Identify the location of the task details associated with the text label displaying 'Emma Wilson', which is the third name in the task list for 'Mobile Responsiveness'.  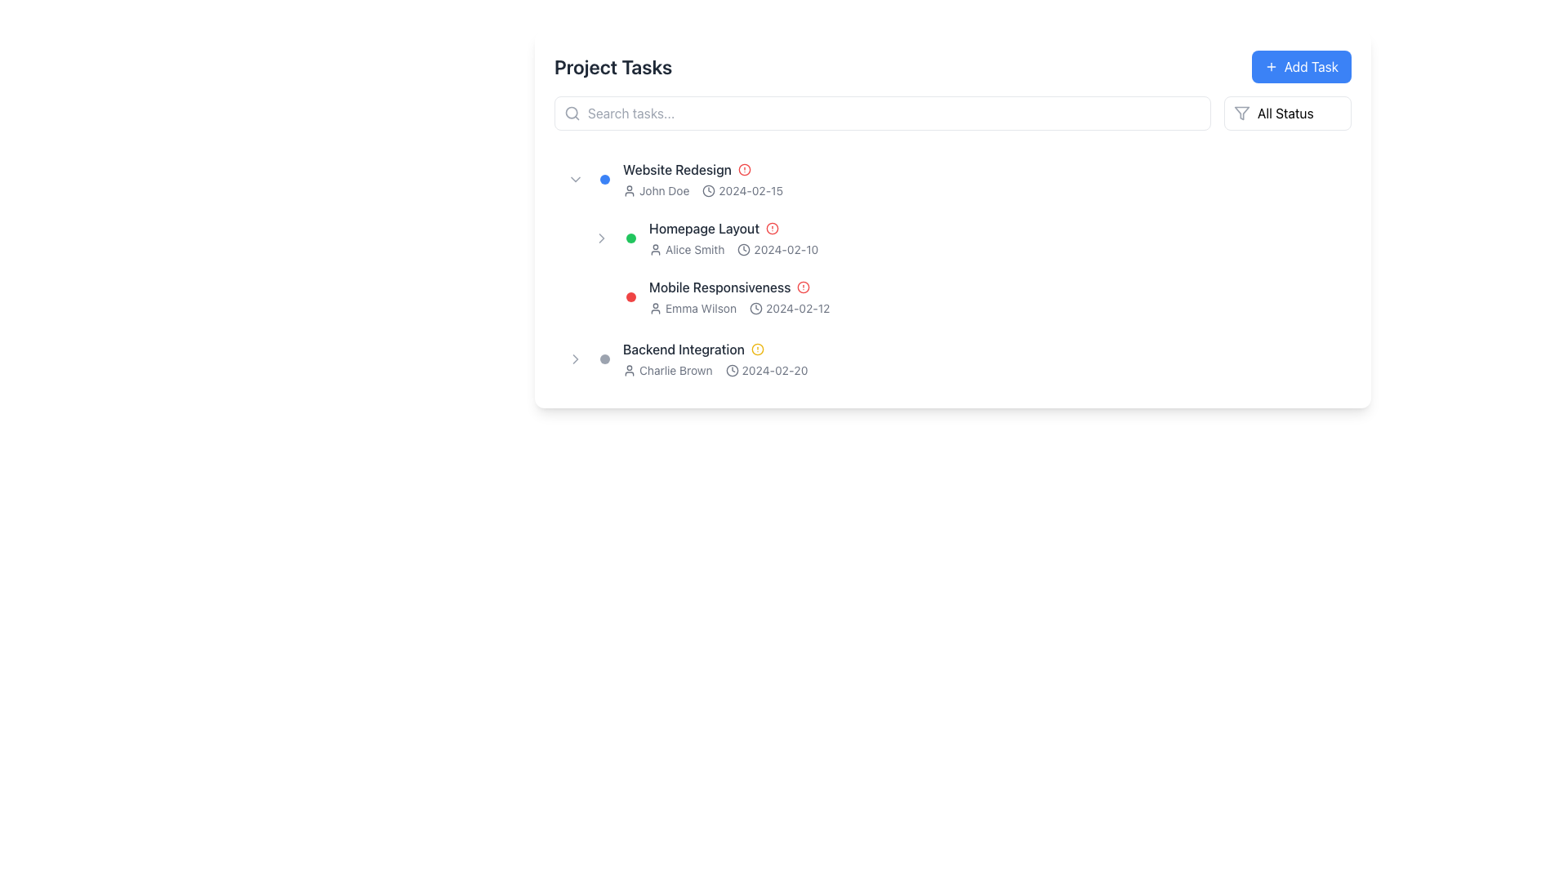
(701, 309).